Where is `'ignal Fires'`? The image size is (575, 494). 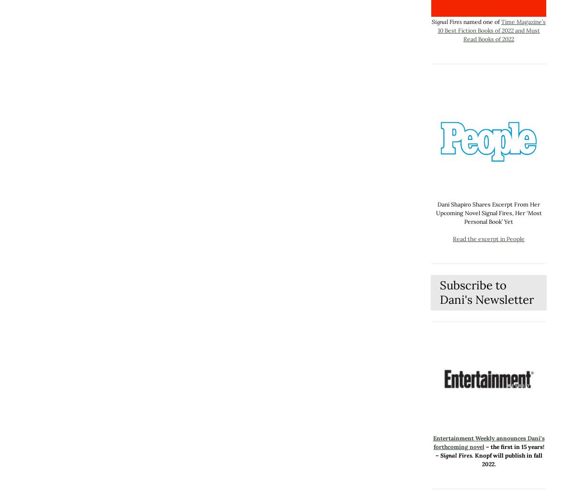
'ignal Fires' is located at coordinates (457, 455).